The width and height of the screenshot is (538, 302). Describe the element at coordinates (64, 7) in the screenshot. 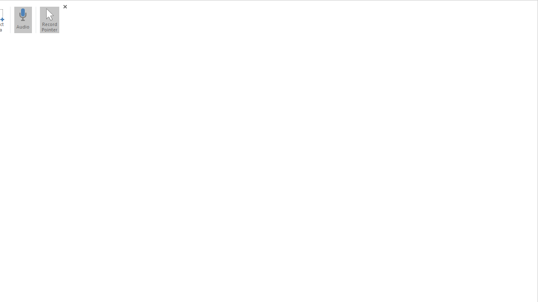

I see `'Close (Windows logo key+Shift+Q)'` at that location.